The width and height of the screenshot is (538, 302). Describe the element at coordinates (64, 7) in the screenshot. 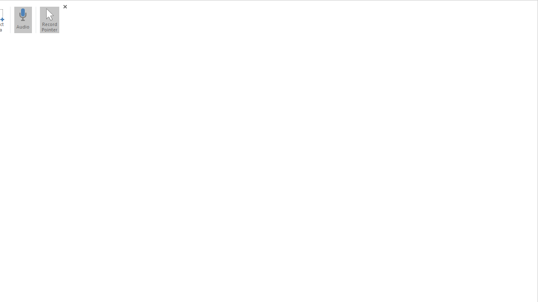

I see `'Close (Windows logo key+Shift+Q)'` at that location.